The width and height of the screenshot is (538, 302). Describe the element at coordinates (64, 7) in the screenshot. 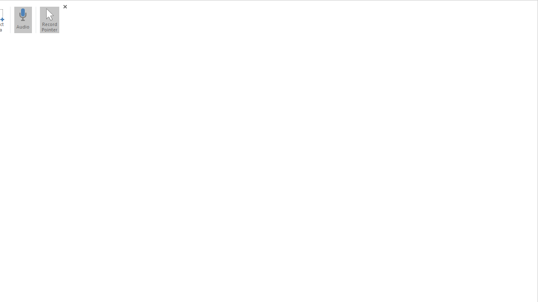

I see `'Close (Windows logo key+Shift+Q)'` at that location.